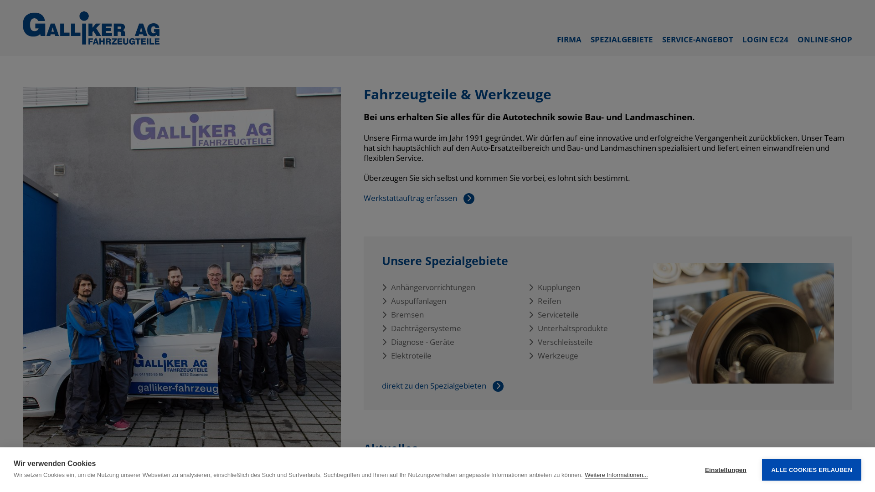  Describe the element at coordinates (91, 27) in the screenshot. I see `'Galliker Fahrzeugteile'` at that location.